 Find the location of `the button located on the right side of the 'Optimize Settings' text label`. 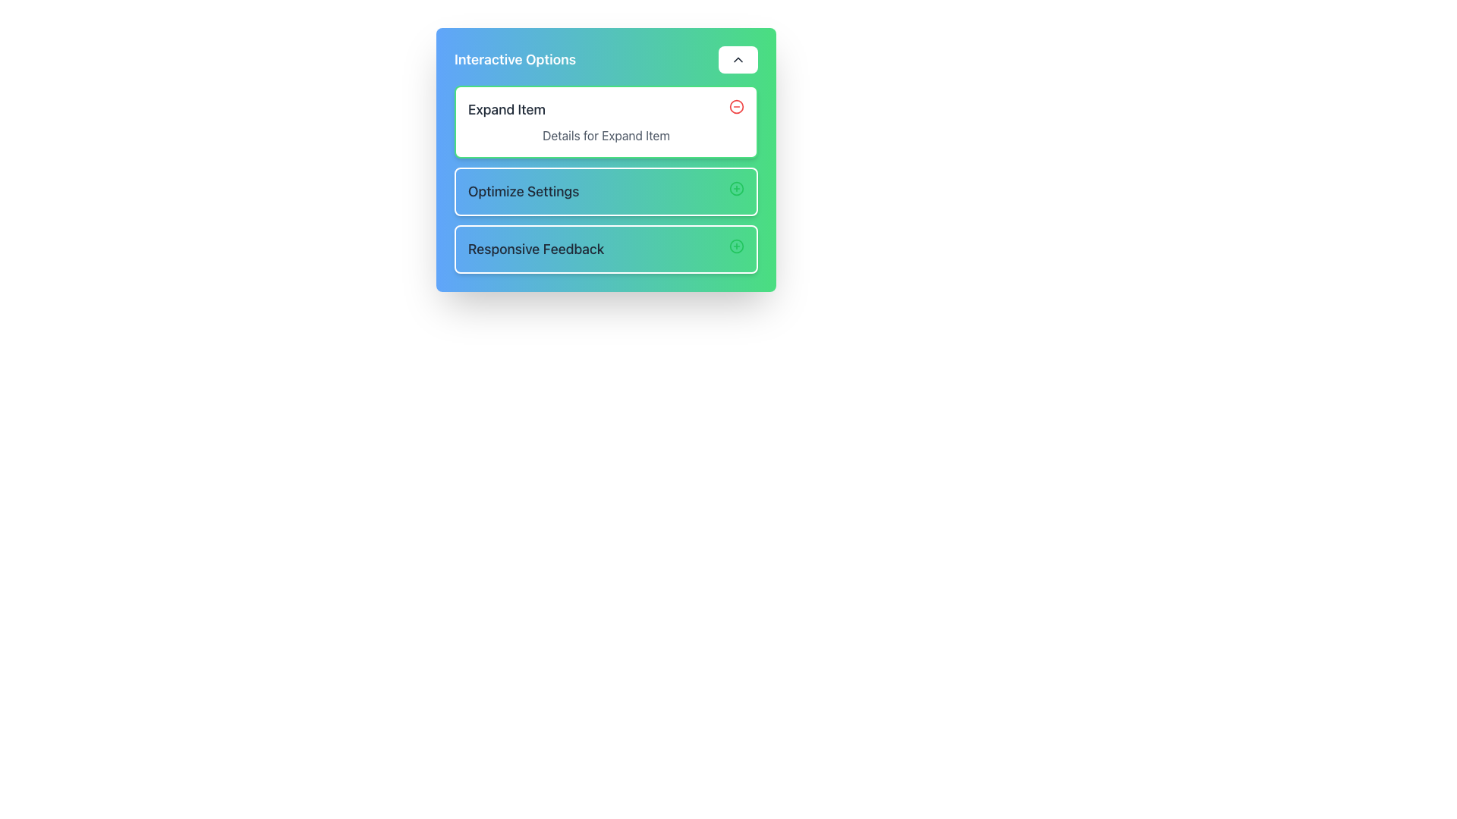

the button located on the right side of the 'Optimize Settings' text label is located at coordinates (736, 188).